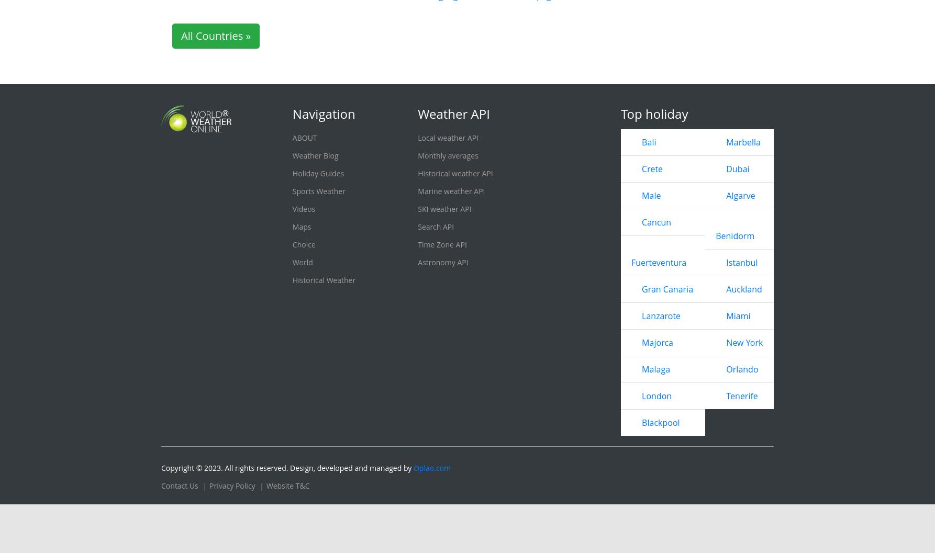  I want to click on 'Winnipeg', so click(532, 150).